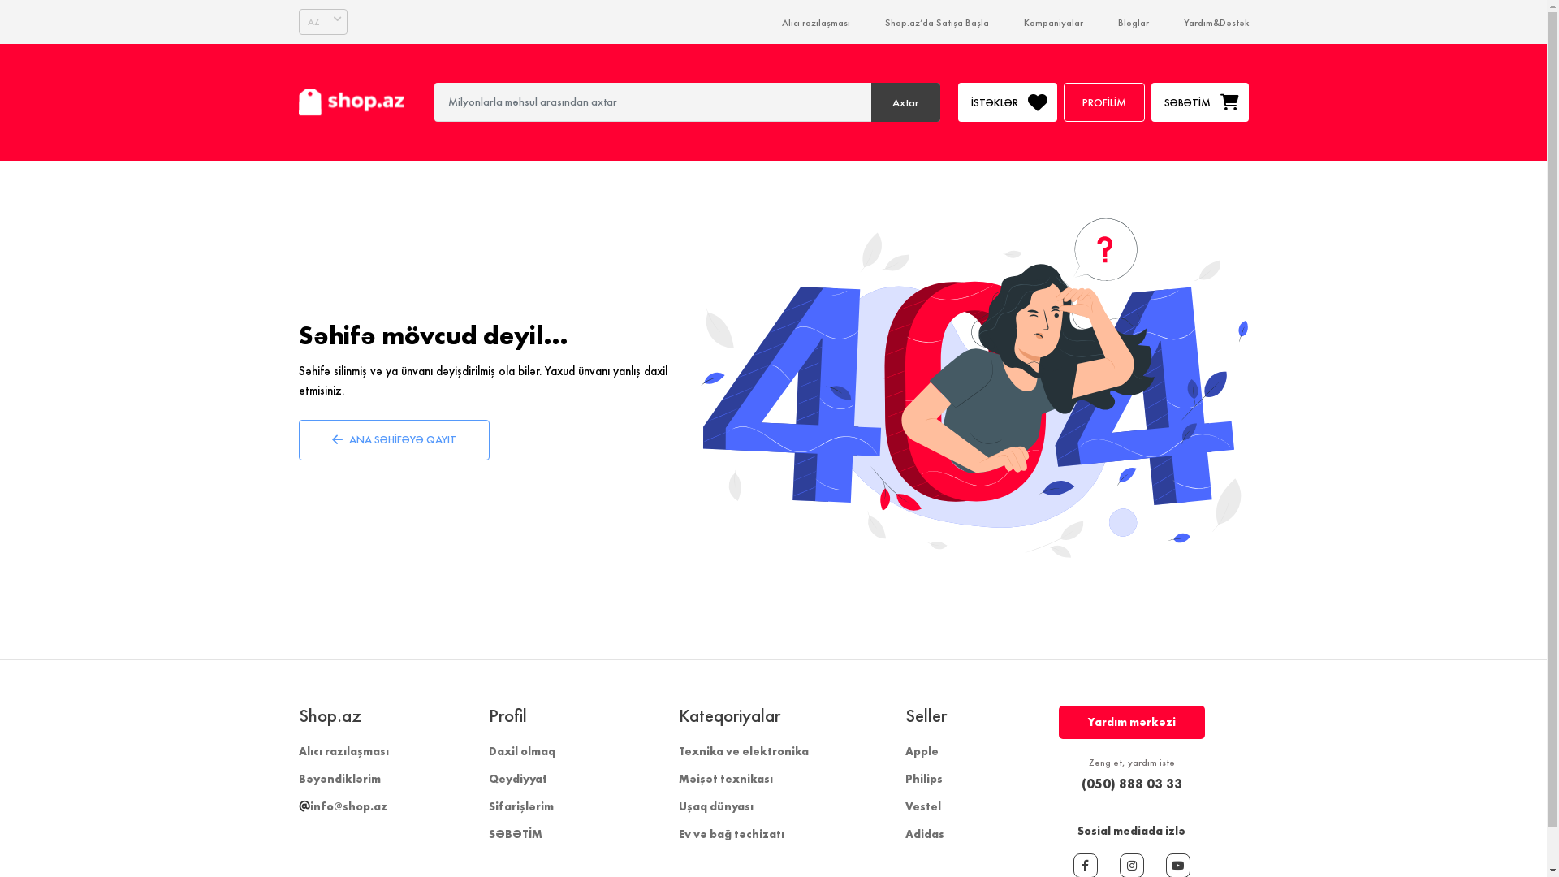 This screenshot has width=1559, height=877. Describe the element at coordinates (678, 751) in the screenshot. I see `'Texnika ve elektronika'` at that location.